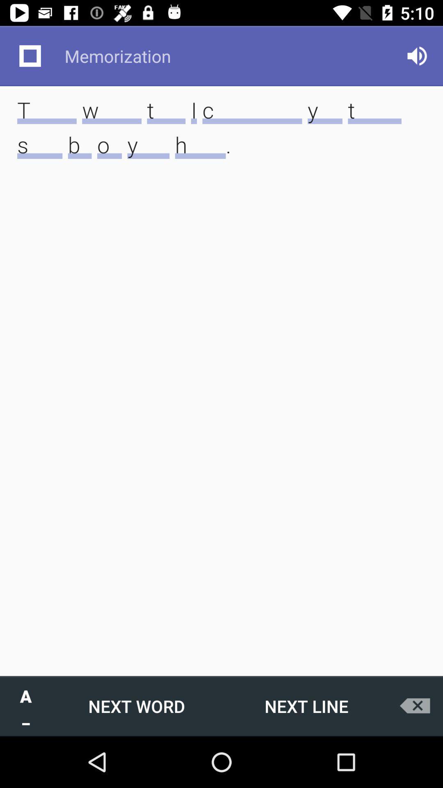  What do you see at coordinates (25, 706) in the screenshot?
I see `the a` at bounding box center [25, 706].